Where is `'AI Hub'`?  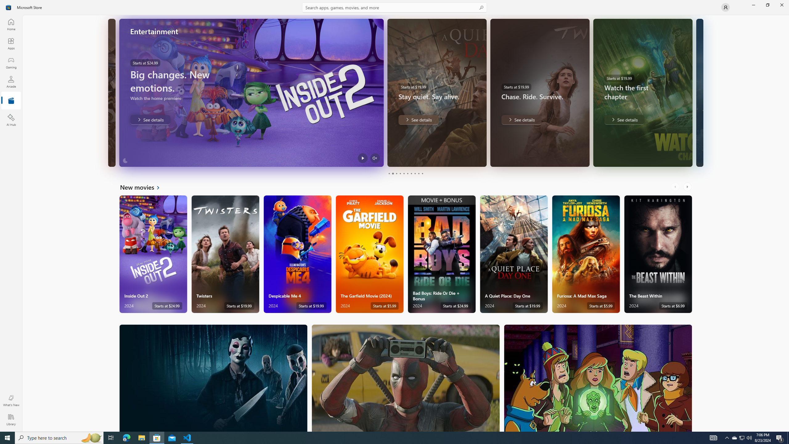
'AI Hub' is located at coordinates (10, 120).